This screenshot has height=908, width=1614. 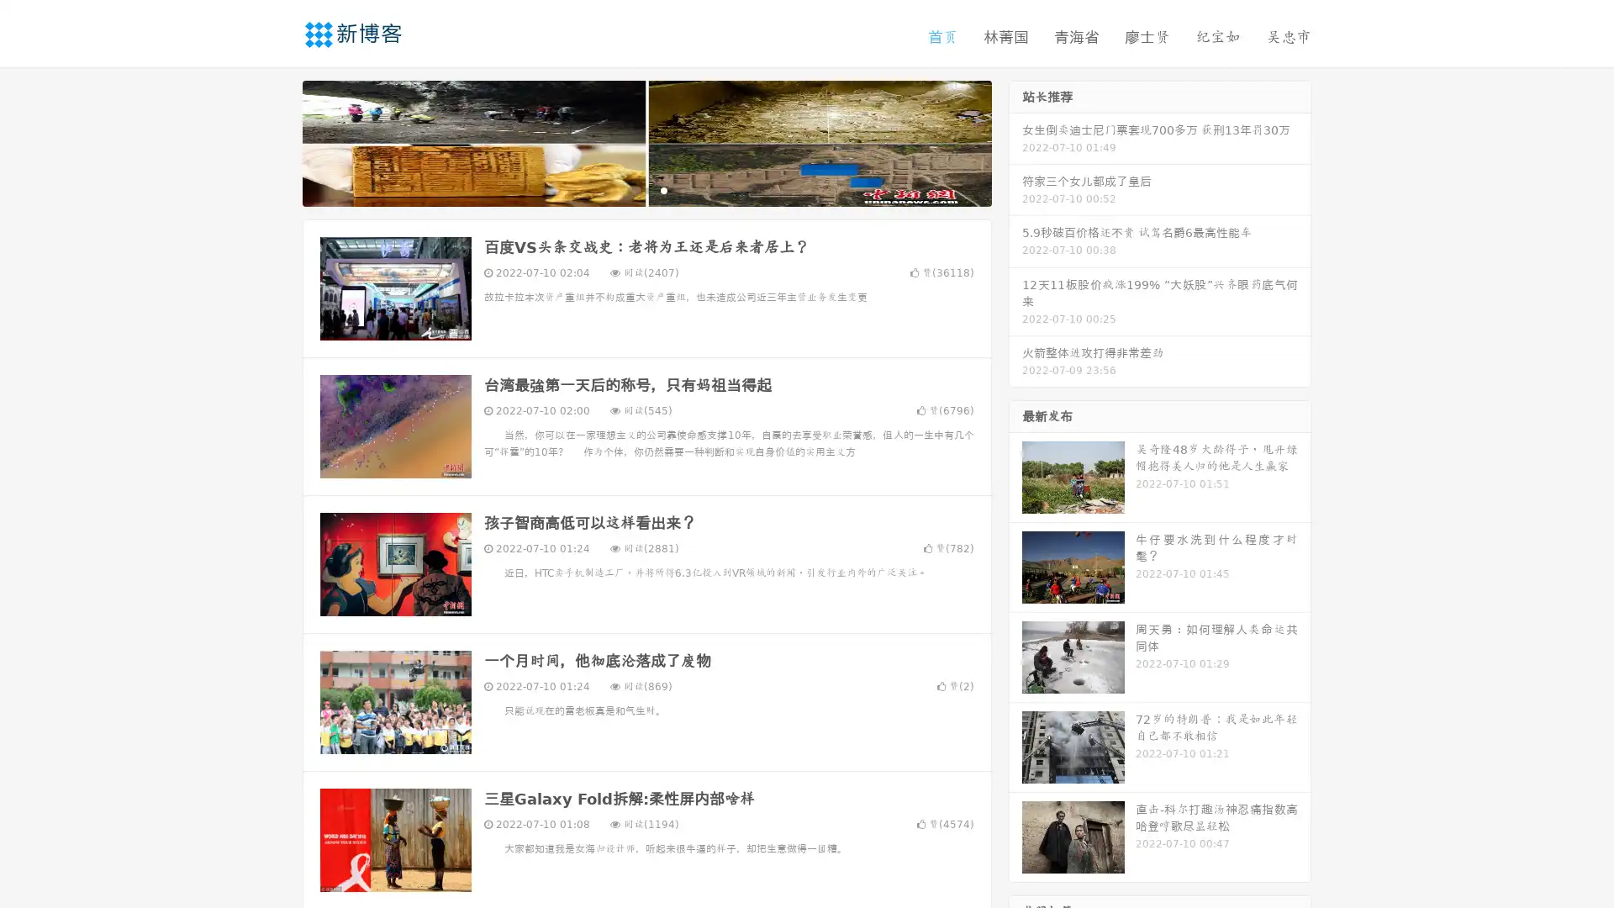 What do you see at coordinates (1015, 141) in the screenshot?
I see `Next slide` at bounding box center [1015, 141].